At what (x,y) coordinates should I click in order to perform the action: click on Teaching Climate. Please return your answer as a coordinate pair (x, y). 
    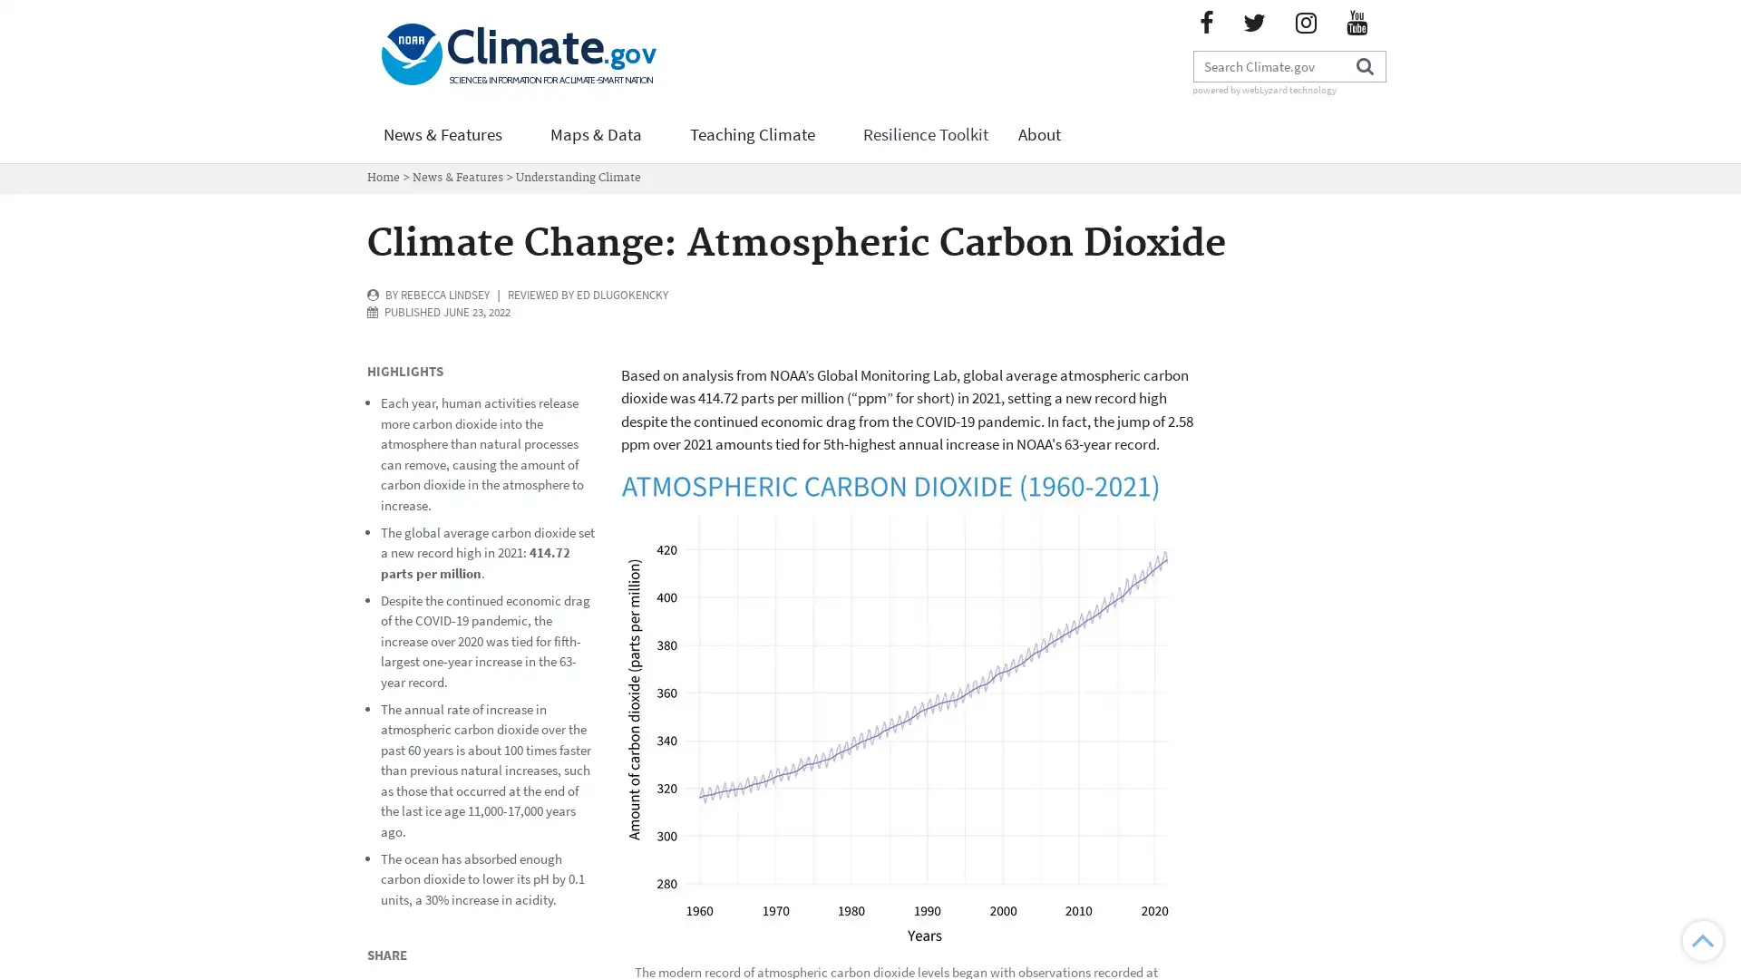
    Looking at the image, I should click on (762, 132).